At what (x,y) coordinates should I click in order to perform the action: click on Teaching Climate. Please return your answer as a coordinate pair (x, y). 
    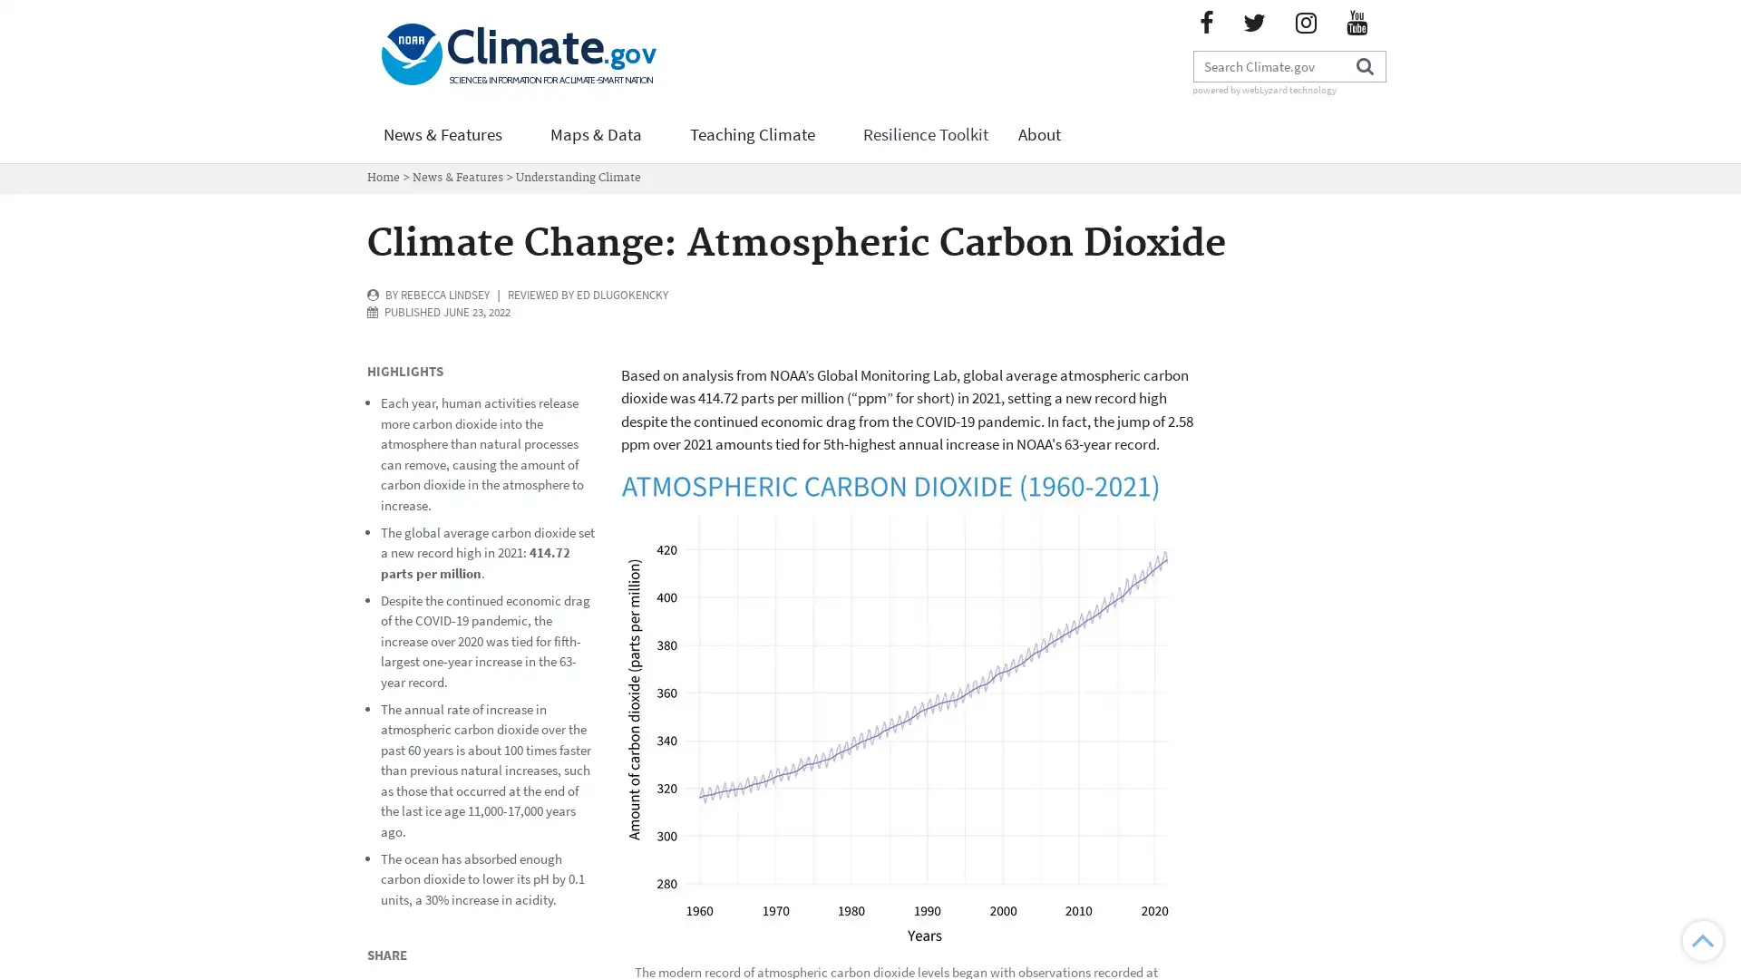
    Looking at the image, I should click on (762, 132).